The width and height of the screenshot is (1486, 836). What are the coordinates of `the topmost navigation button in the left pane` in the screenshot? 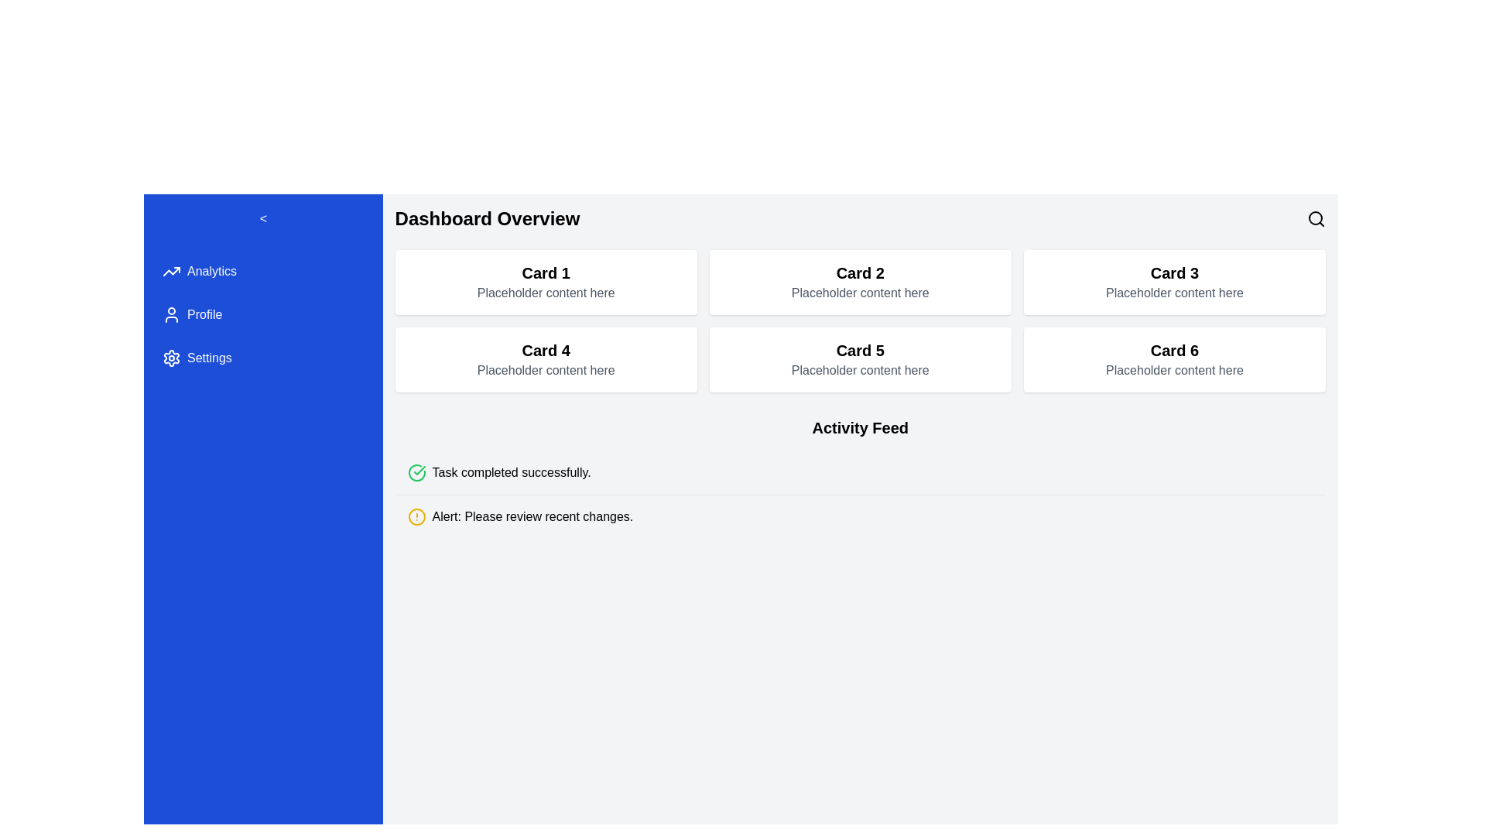 It's located at (263, 271).